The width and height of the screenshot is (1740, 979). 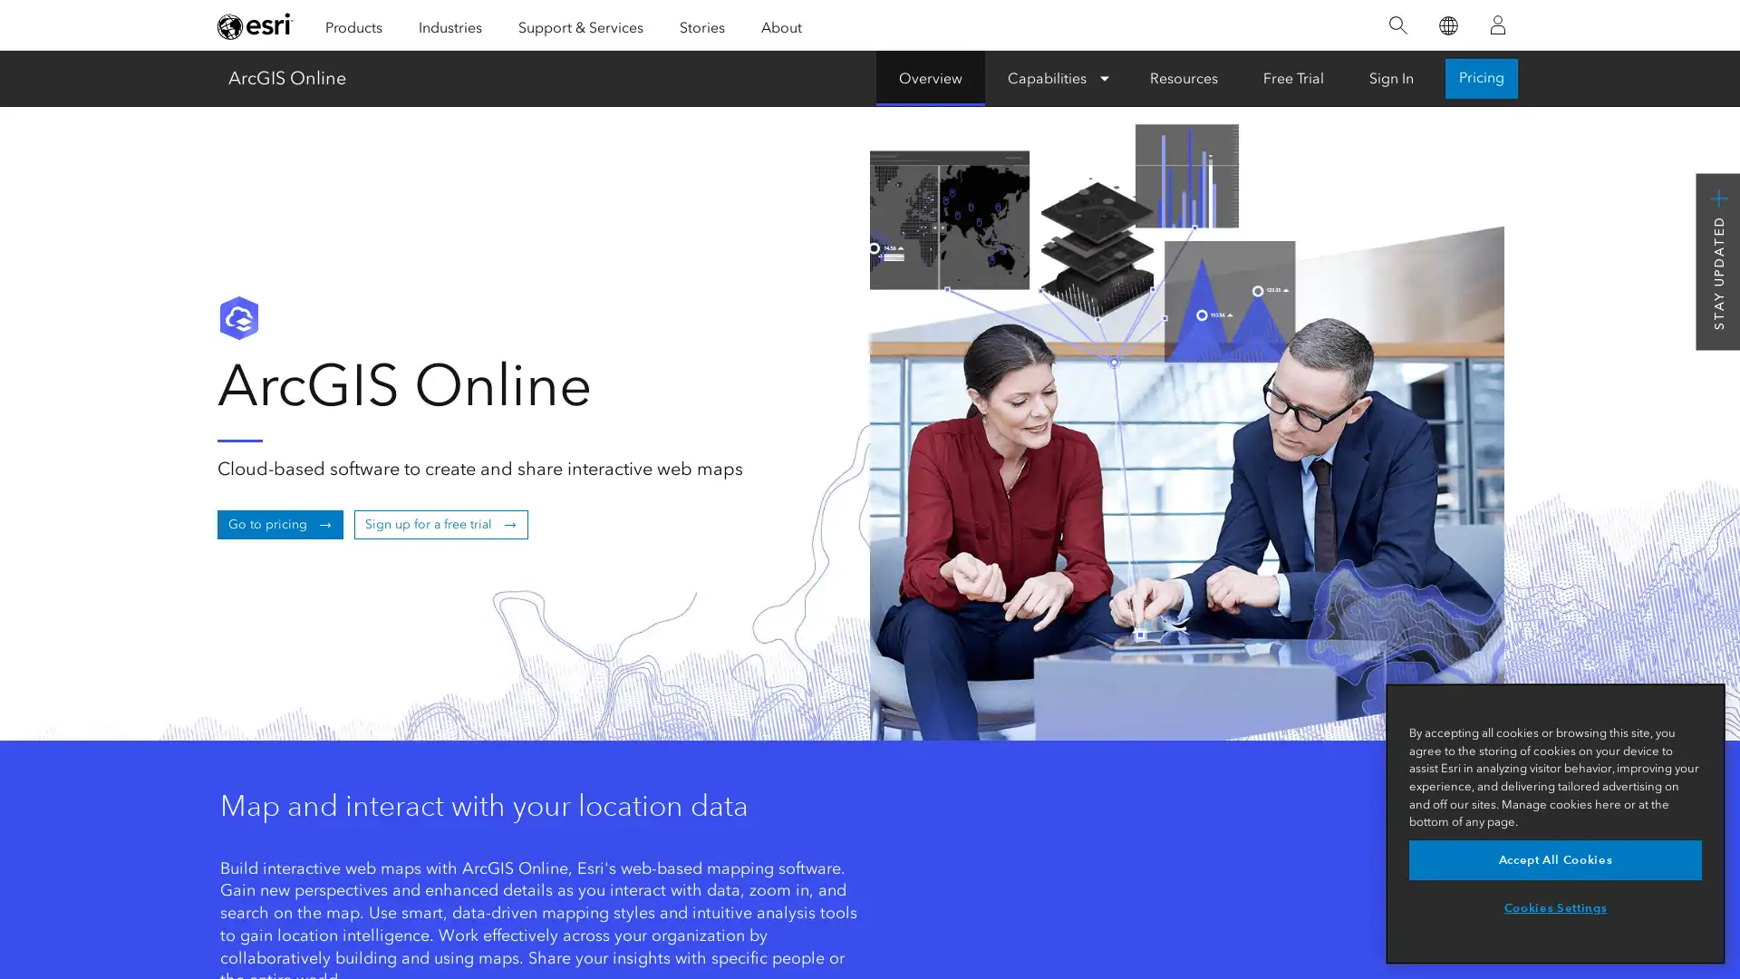 I want to click on Search, so click(x=1397, y=24).